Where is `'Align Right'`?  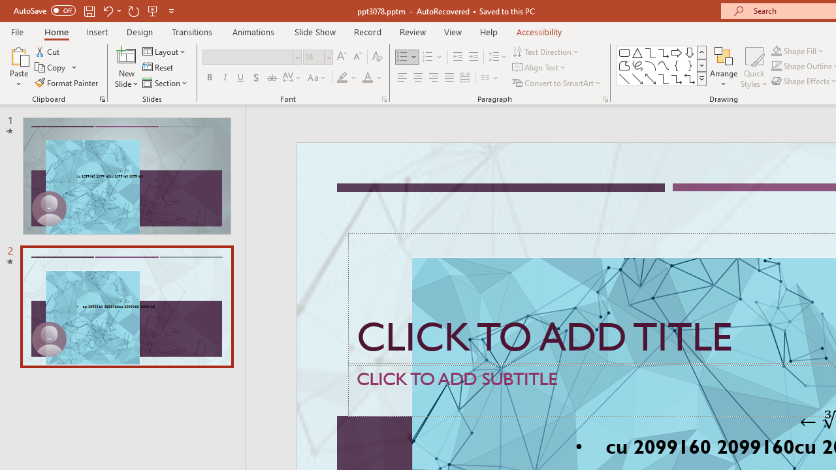 'Align Right' is located at coordinates (433, 78).